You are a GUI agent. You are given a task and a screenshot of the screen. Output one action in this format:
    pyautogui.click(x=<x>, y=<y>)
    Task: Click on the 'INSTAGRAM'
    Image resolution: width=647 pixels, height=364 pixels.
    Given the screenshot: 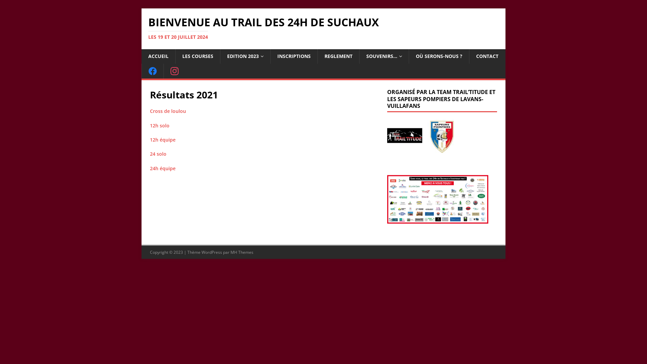 What is the action you would take?
    pyautogui.click(x=174, y=71)
    